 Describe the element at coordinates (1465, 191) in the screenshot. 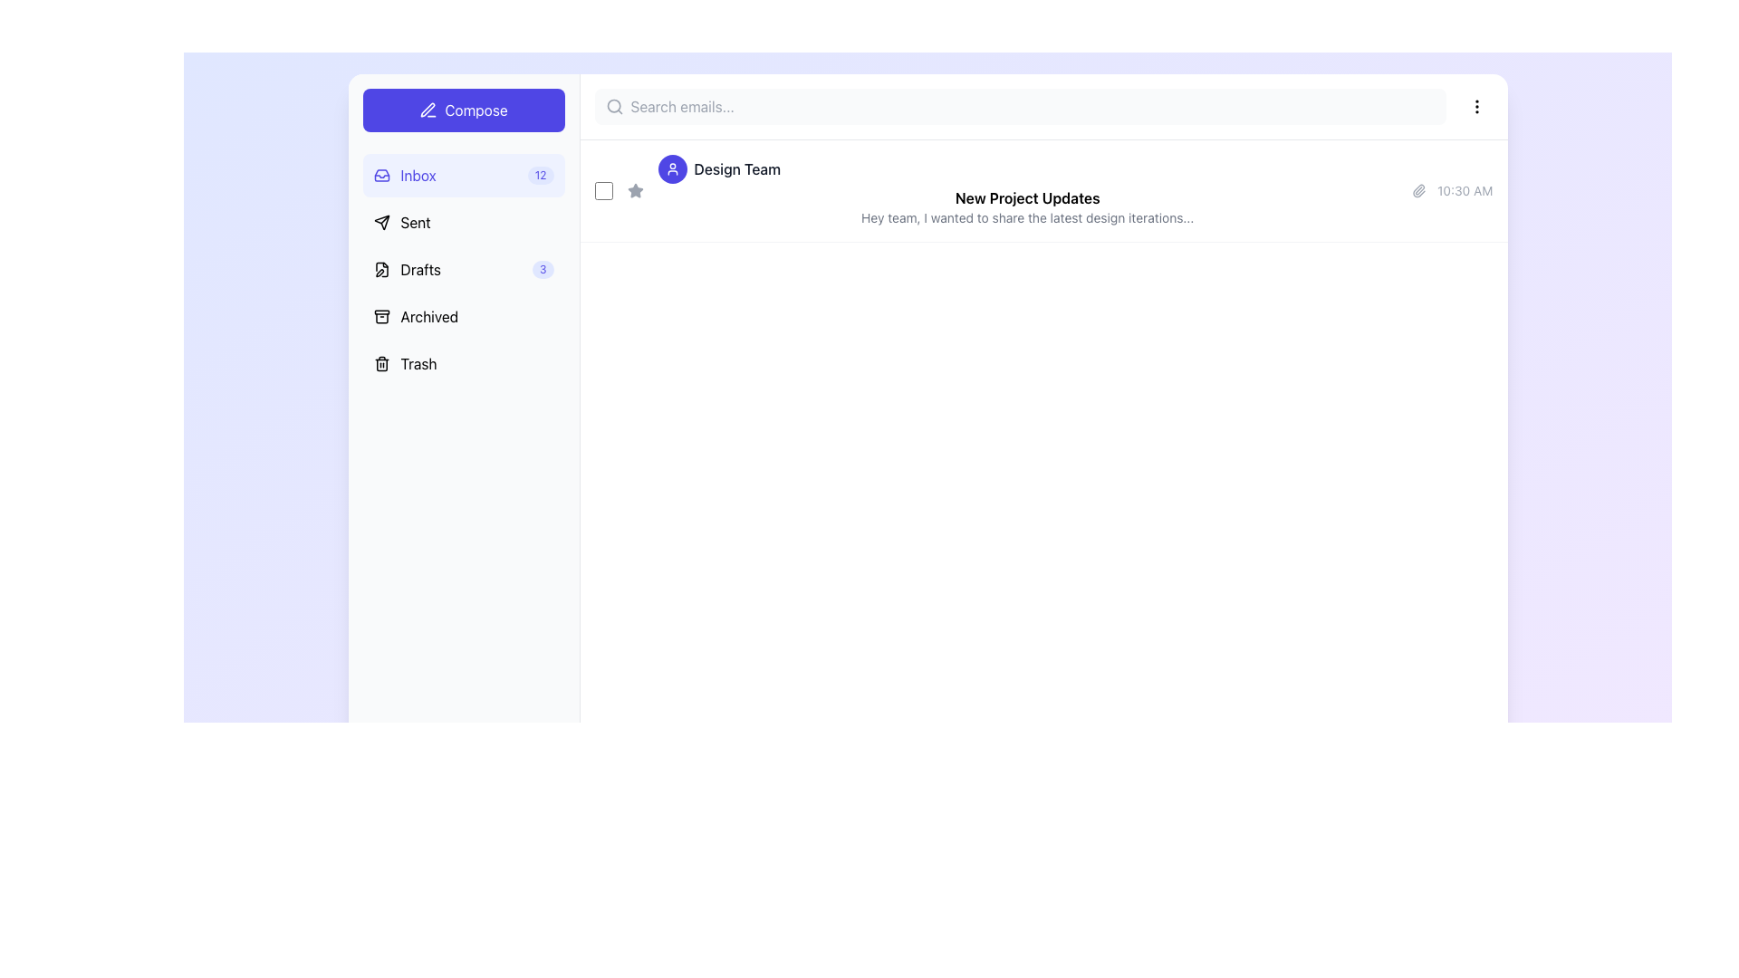

I see `displayed timestamp located in the top-right section of the email list view, next to the paperclip icon` at that location.